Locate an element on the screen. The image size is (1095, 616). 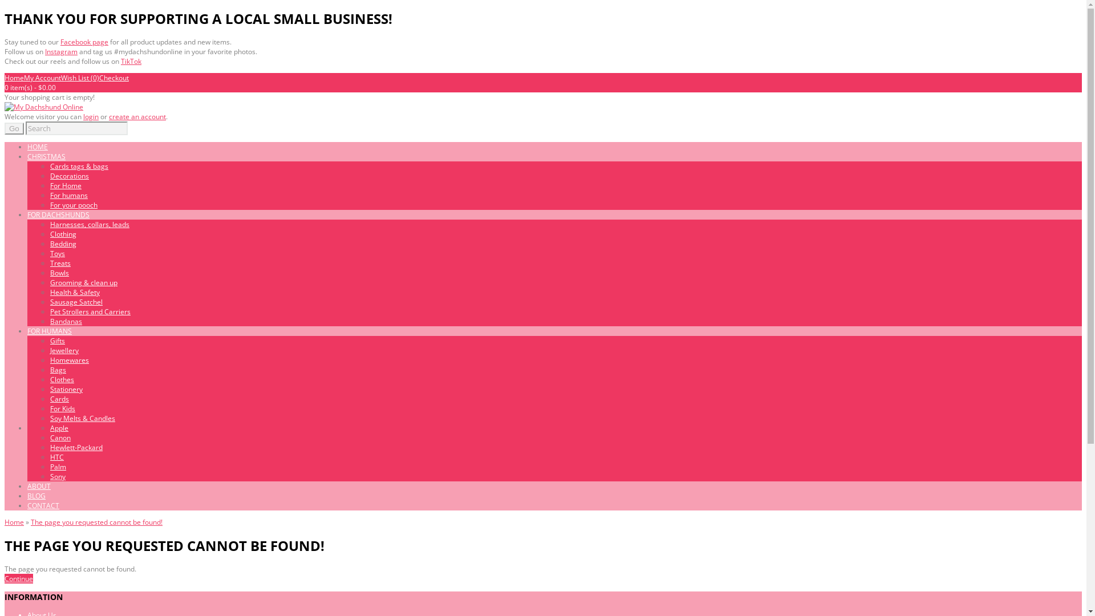
'Pet Strollers and Carriers' is located at coordinates (90, 311).